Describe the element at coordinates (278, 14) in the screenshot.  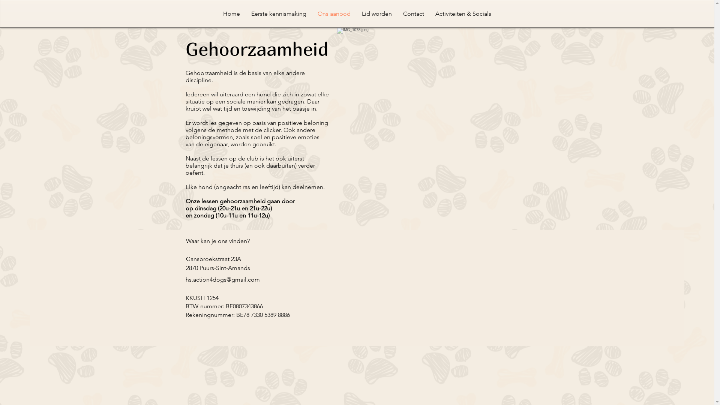
I see `'Eerste kennismaking'` at that location.